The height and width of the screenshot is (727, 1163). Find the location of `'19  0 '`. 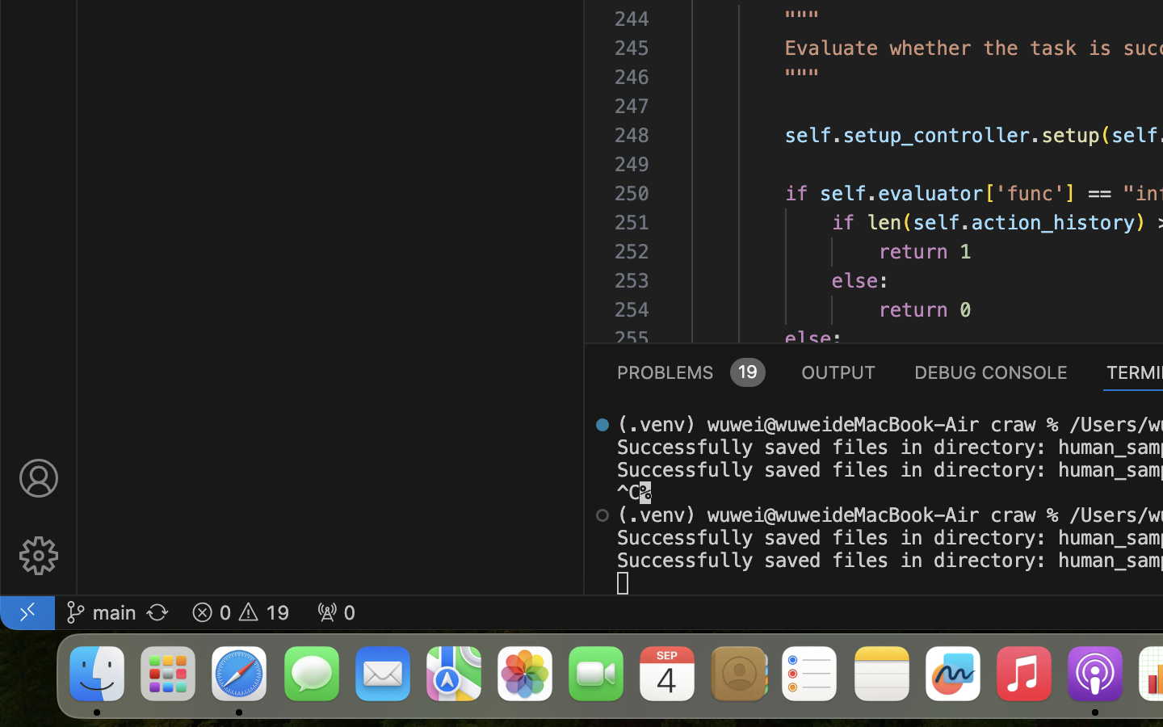

'19  0 ' is located at coordinates (239, 611).